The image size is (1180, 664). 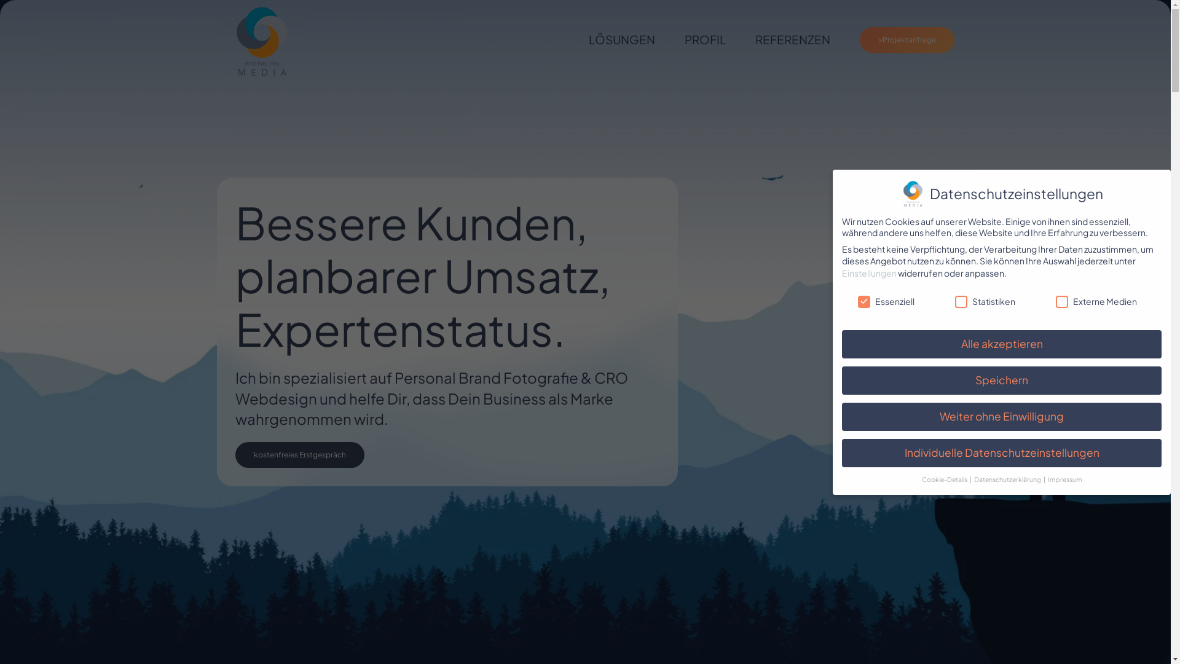 What do you see at coordinates (705, 39) in the screenshot?
I see `'PROFIL'` at bounding box center [705, 39].